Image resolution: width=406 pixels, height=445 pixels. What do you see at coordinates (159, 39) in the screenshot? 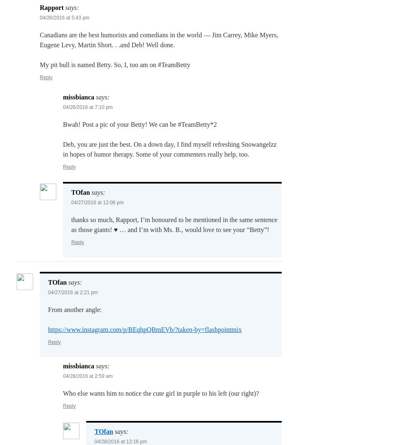
I see `'Canadians are the best humorists and comedians in the world — Jim Carrey, Mike Myers, Eugene Levy, Martin Short. . .and Deb!  Well done.'` at bounding box center [159, 39].